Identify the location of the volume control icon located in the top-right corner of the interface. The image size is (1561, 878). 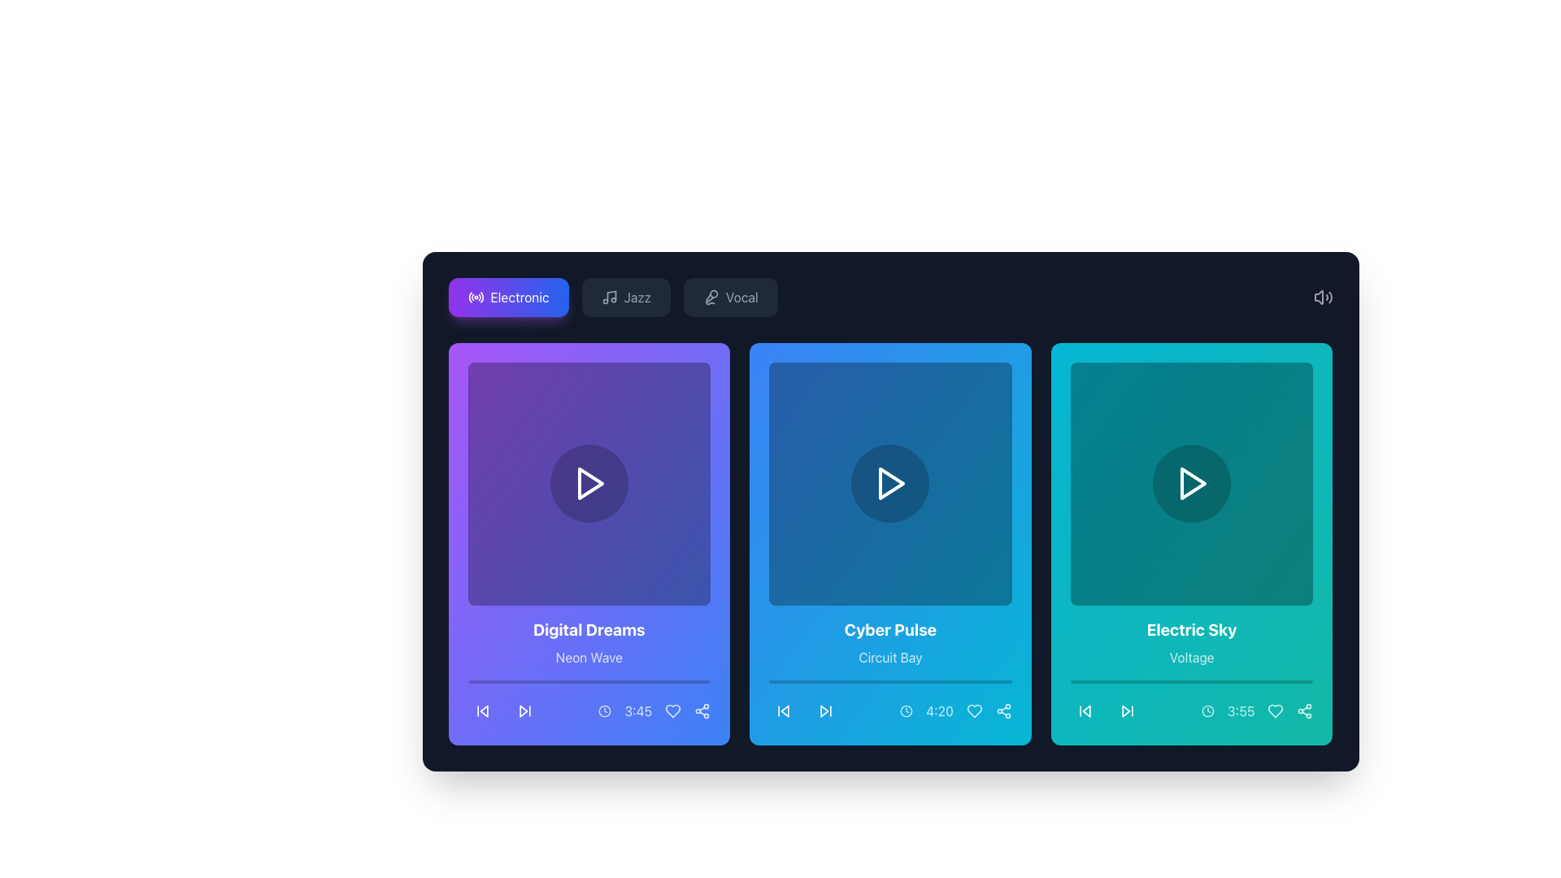
(1323, 298).